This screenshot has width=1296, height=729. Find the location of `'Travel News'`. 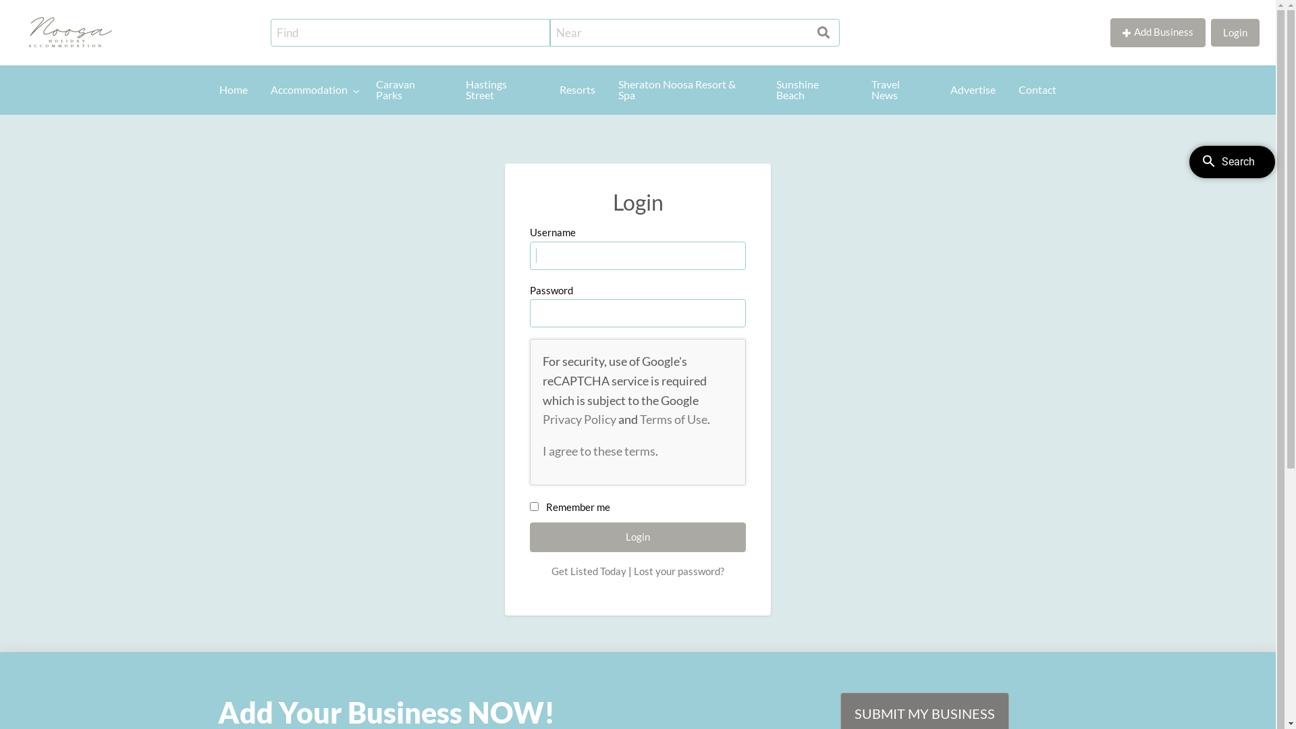

'Travel News' is located at coordinates (899, 90).